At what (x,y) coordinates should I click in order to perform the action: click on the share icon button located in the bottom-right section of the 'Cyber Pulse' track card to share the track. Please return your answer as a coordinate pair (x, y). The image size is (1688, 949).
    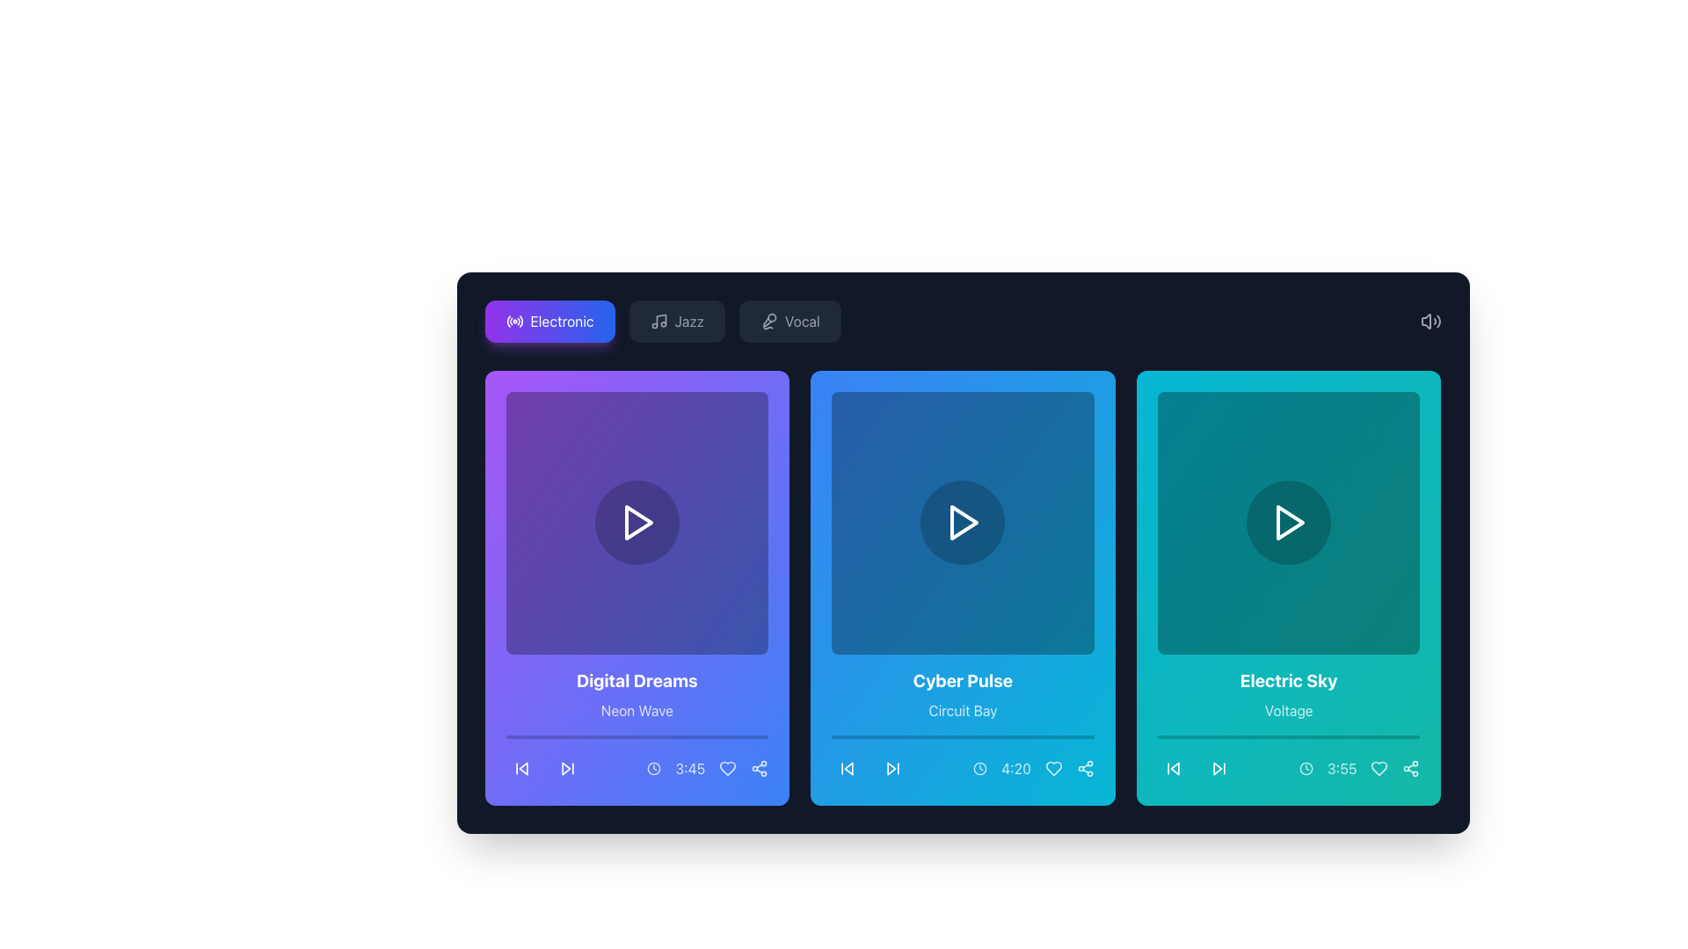
    Looking at the image, I should click on (1084, 767).